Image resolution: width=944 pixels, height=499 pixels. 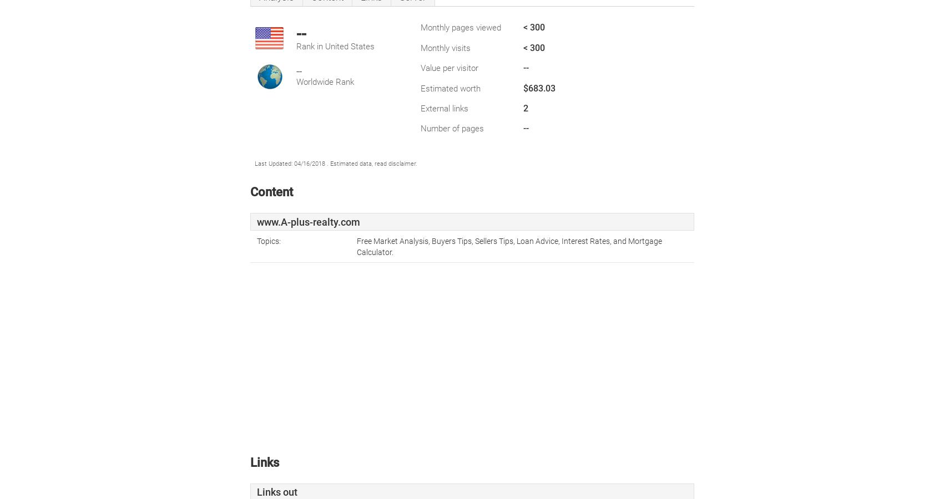 What do you see at coordinates (445, 47) in the screenshot?
I see `'Monthly visits'` at bounding box center [445, 47].